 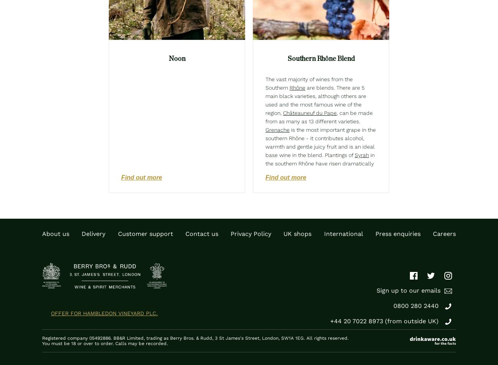 What do you see at coordinates (297, 87) in the screenshot?
I see `'Rhône'` at bounding box center [297, 87].